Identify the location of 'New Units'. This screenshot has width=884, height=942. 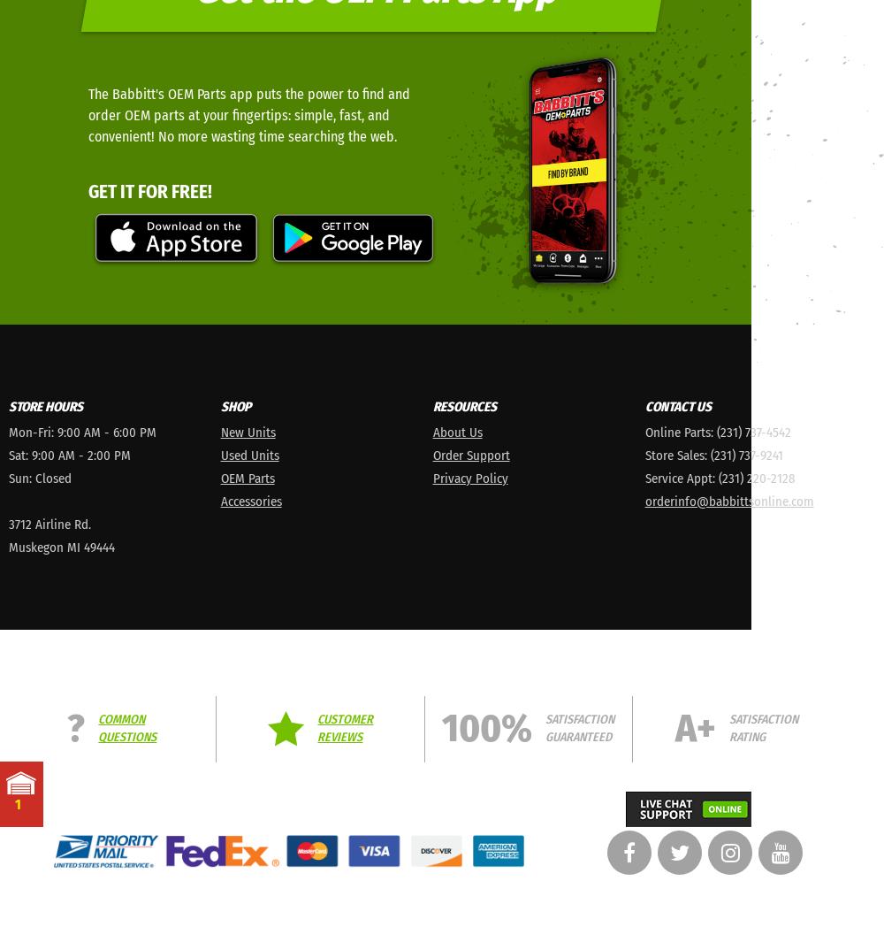
(248, 430).